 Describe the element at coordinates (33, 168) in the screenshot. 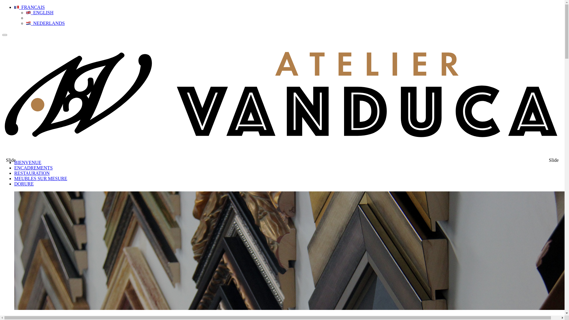

I see `'ENCADREMENTS'` at that location.